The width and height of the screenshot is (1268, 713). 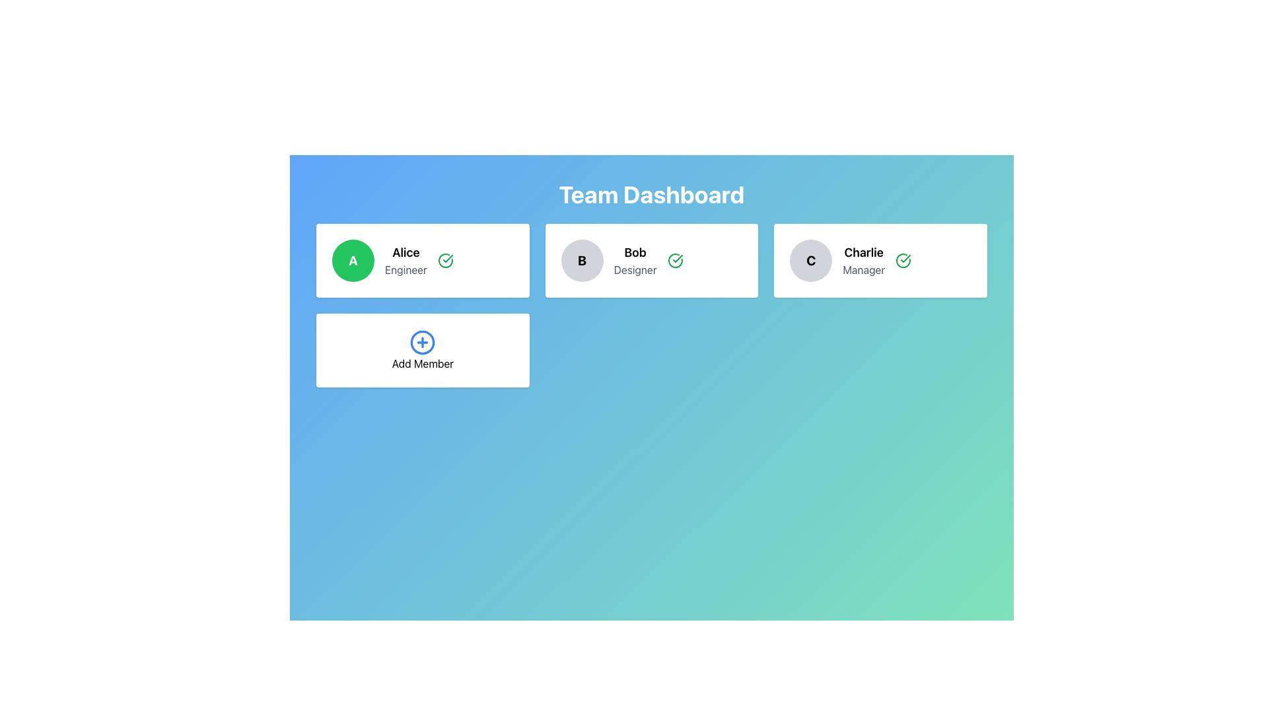 What do you see at coordinates (652, 194) in the screenshot?
I see `the prominent text label displaying 'Team Dashboard' in large, bold white font, which is centrally positioned at the top of the interface with a gradient background from blue to green` at bounding box center [652, 194].